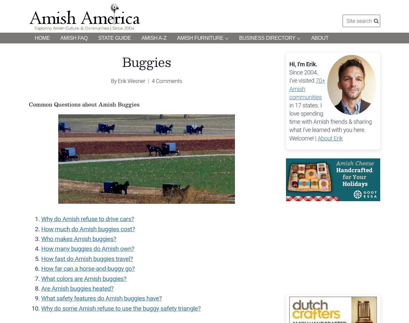  I want to click on 'About Erik', so click(330, 138).